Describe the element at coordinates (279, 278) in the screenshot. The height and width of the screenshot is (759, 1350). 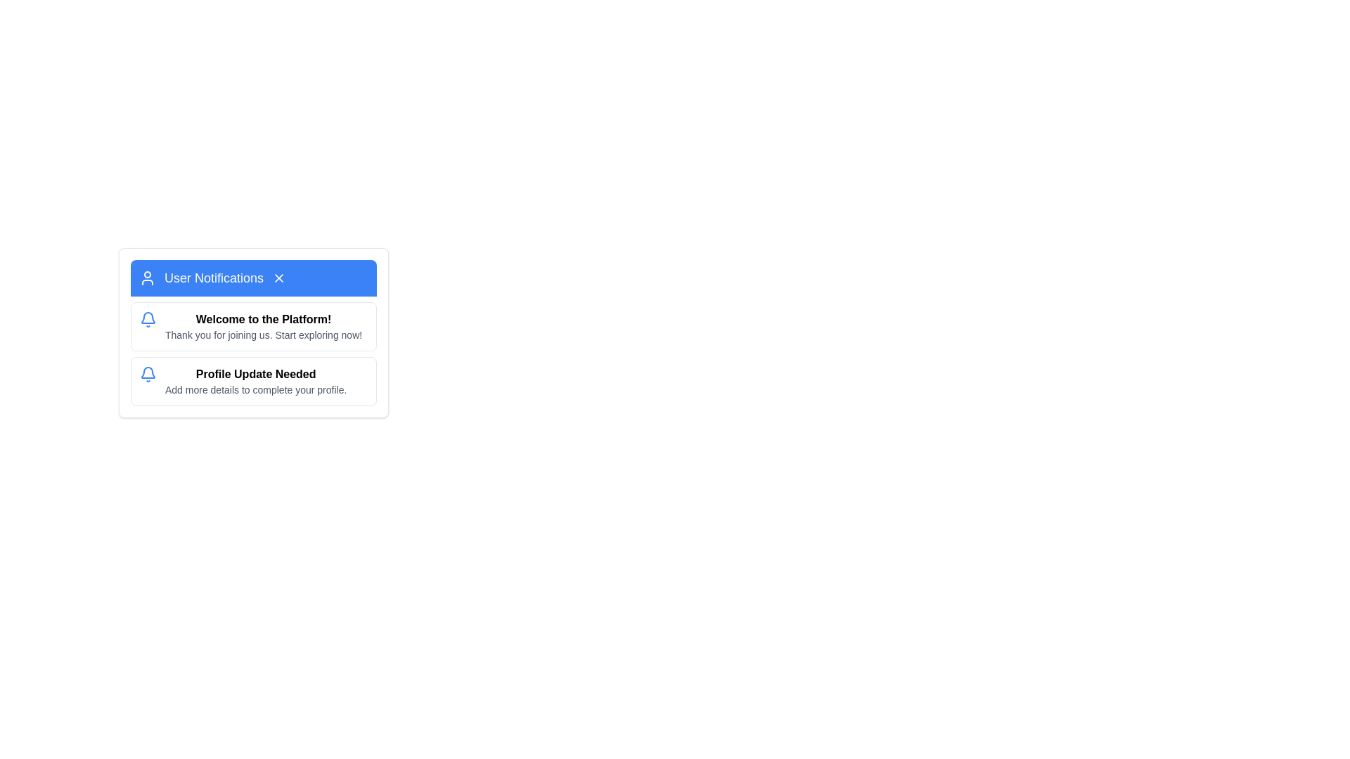
I see `the close or dismiss icon within the 'User Notifications' dialog by moving the cursor to its center` at that location.